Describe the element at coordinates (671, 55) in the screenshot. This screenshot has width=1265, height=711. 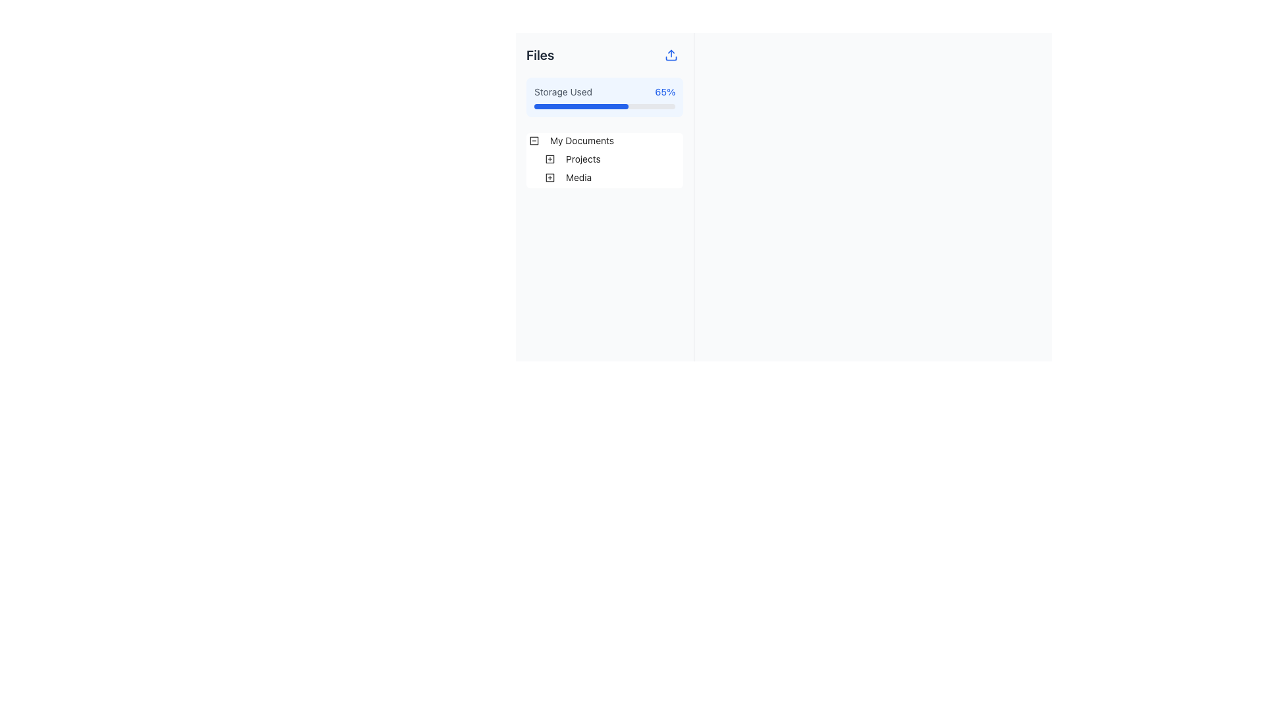
I see `the upload button located to the right of the 'Files' title` at that location.